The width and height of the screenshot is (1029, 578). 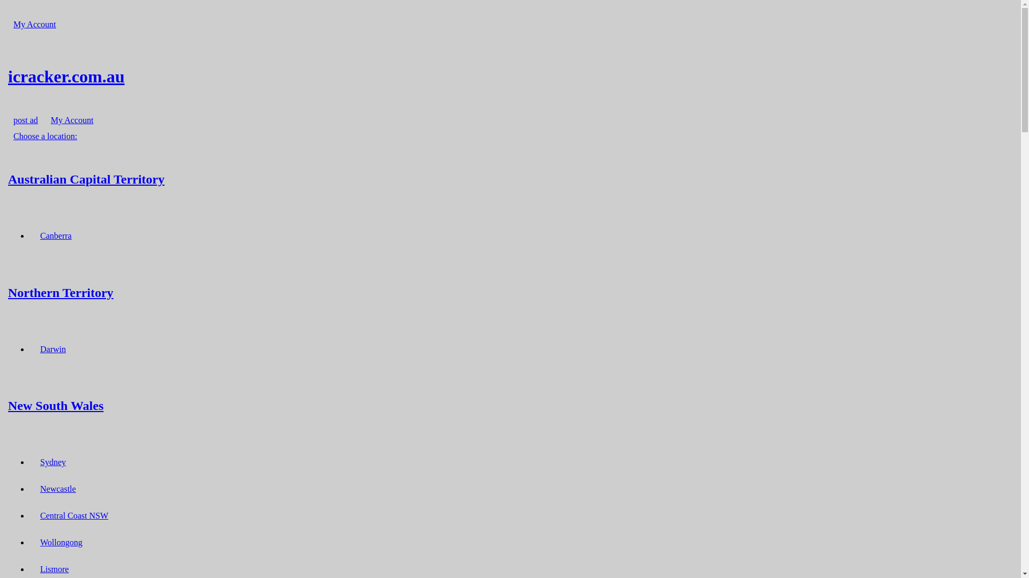 What do you see at coordinates (510, 75) in the screenshot?
I see `'icracker.com.au'` at bounding box center [510, 75].